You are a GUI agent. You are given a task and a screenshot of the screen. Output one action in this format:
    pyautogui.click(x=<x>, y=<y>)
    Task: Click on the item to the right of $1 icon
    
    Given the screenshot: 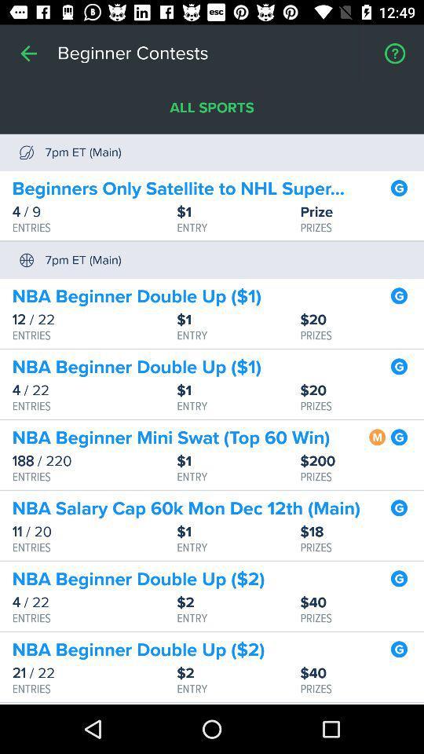 What is the action you would take?
    pyautogui.click(x=362, y=532)
    